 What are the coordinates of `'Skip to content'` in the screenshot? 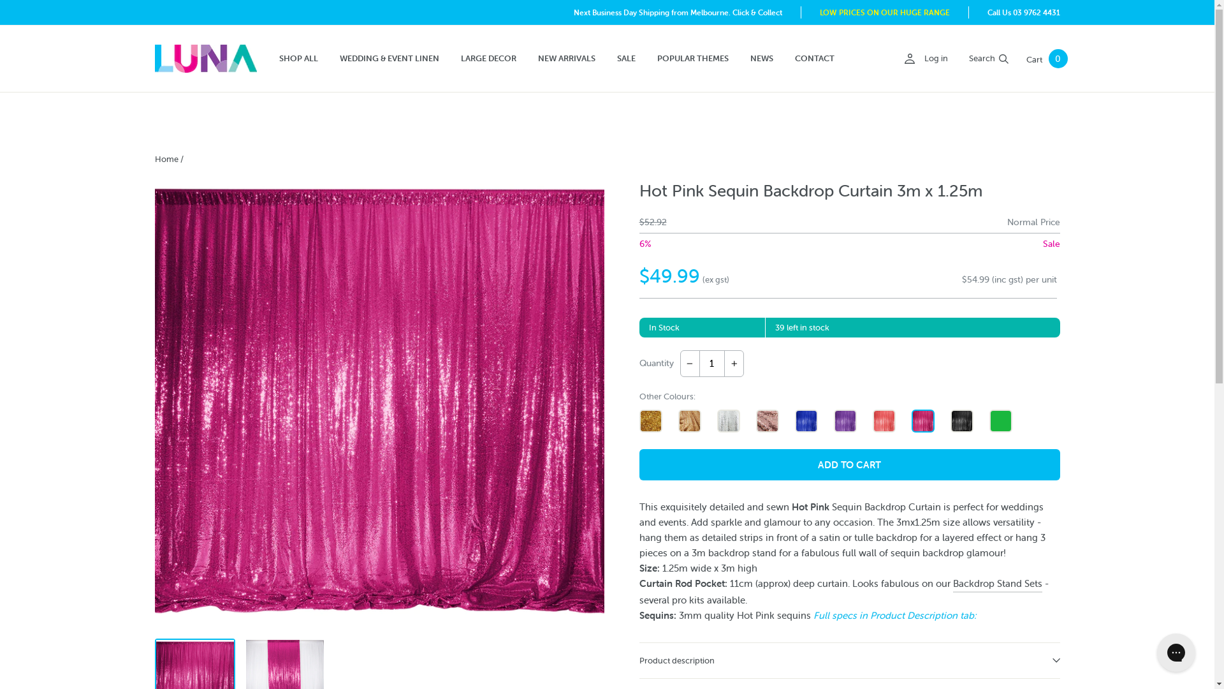 It's located at (0, 0).